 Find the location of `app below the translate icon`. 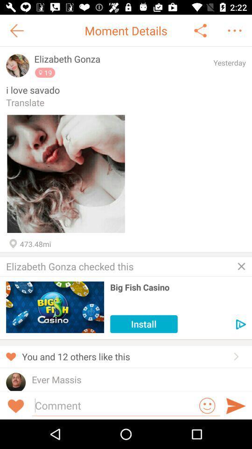

app below the translate icon is located at coordinates (65, 173).